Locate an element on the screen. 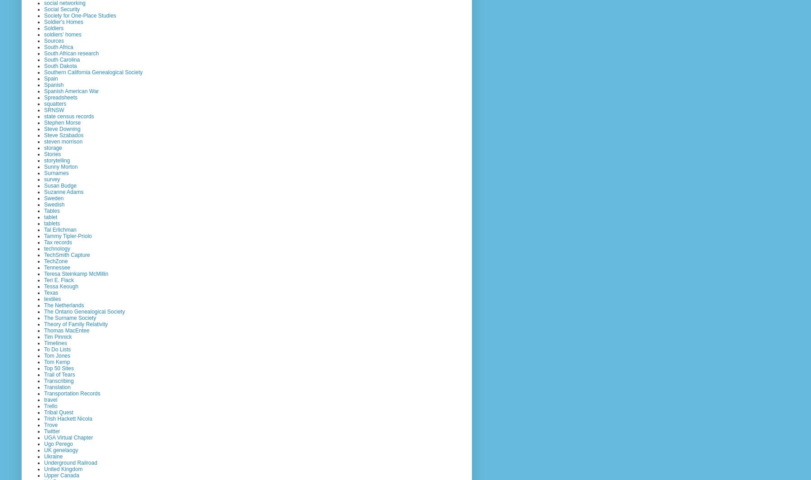  'textiles' is located at coordinates (43, 298).